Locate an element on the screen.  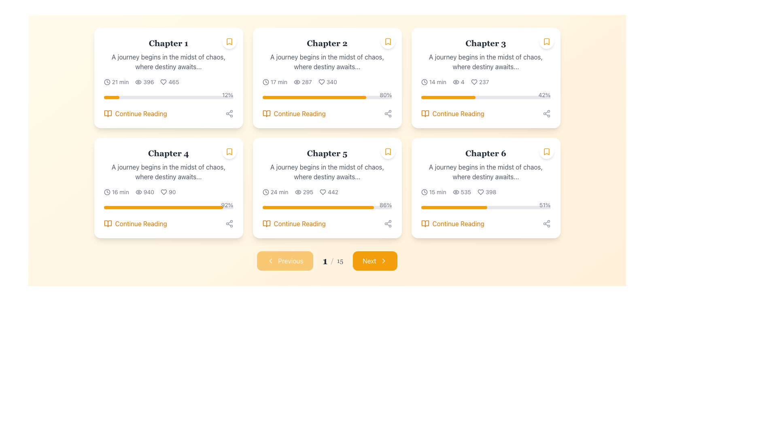
the static text label showing the number of views for chapter 3, which is located to the right of the eye icon and above the heart icon is located at coordinates (463, 82).